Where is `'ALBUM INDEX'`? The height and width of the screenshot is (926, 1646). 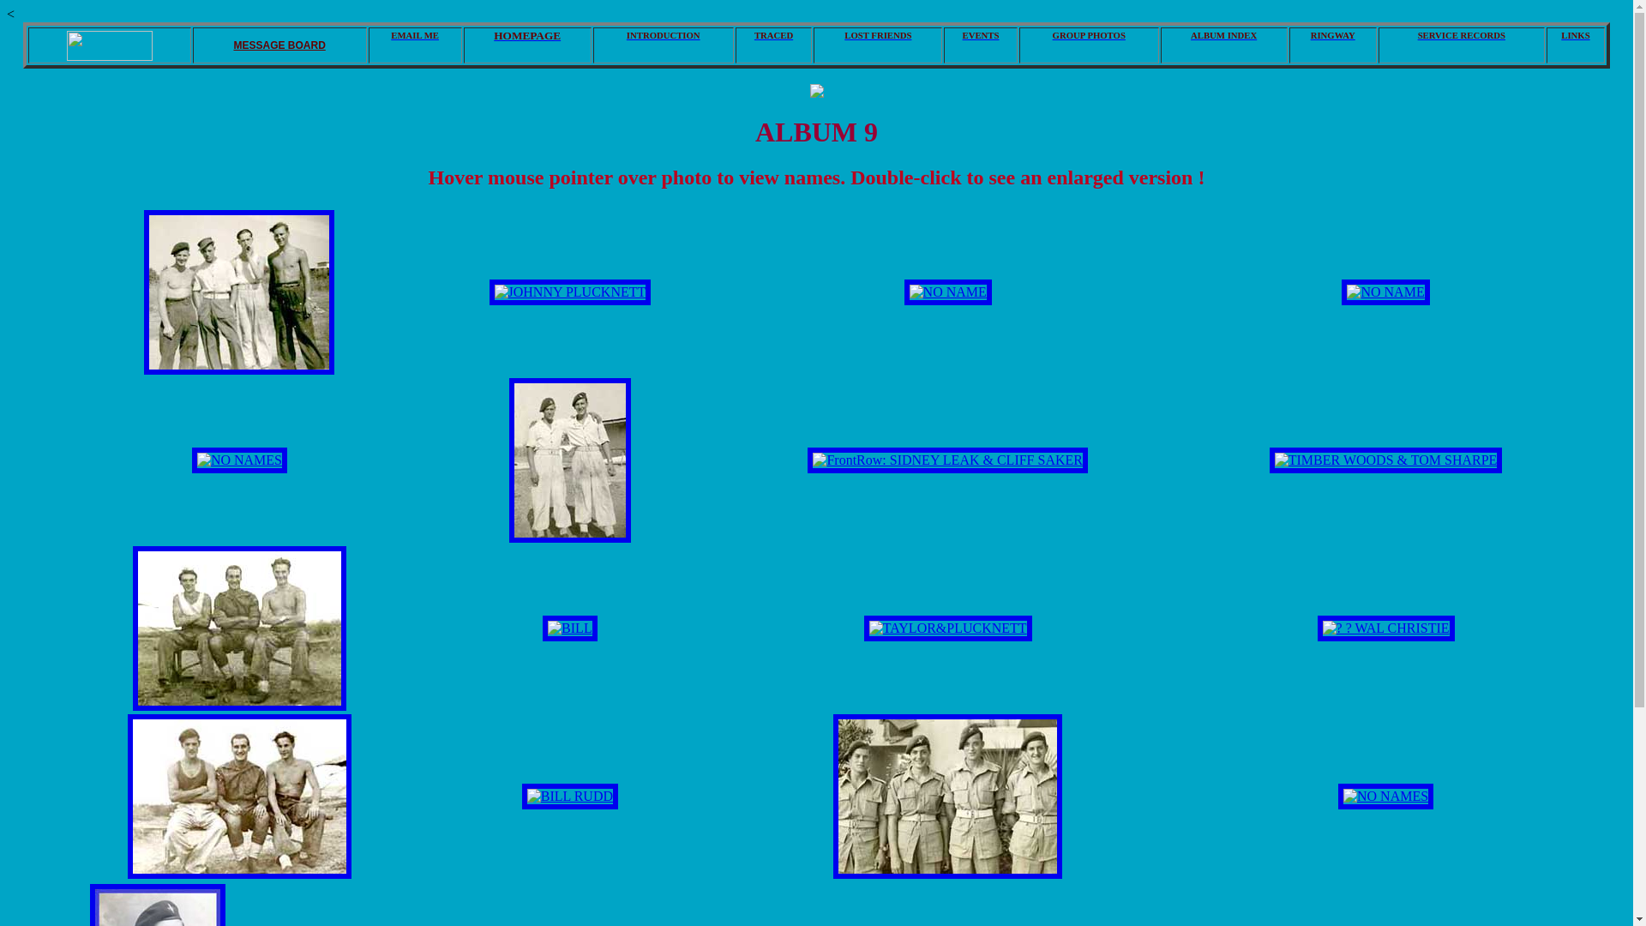
'ALBUM INDEX' is located at coordinates (1223, 35).